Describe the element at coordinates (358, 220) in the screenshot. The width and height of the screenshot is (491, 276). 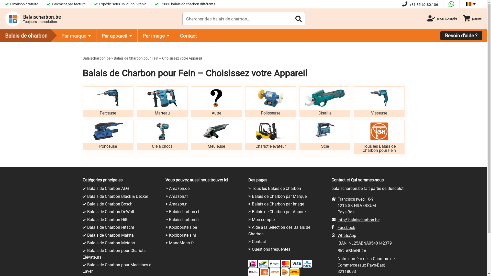
I see `'info@balaischarbon.be'` at that location.